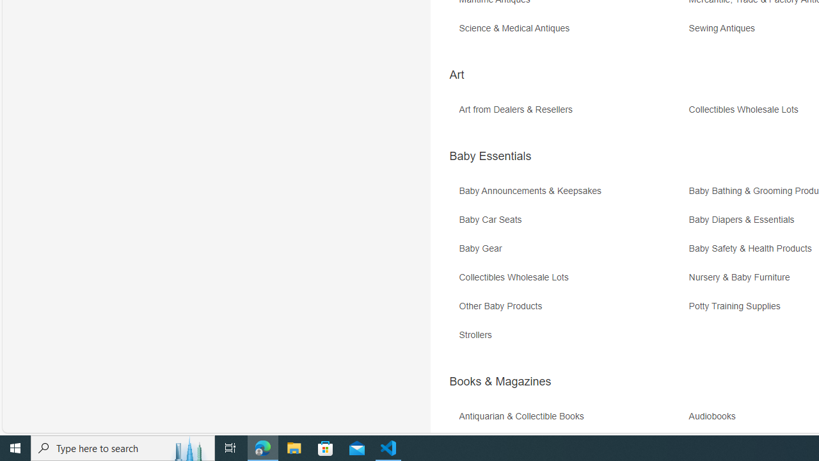  I want to click on 'Art', so click(456, 75).